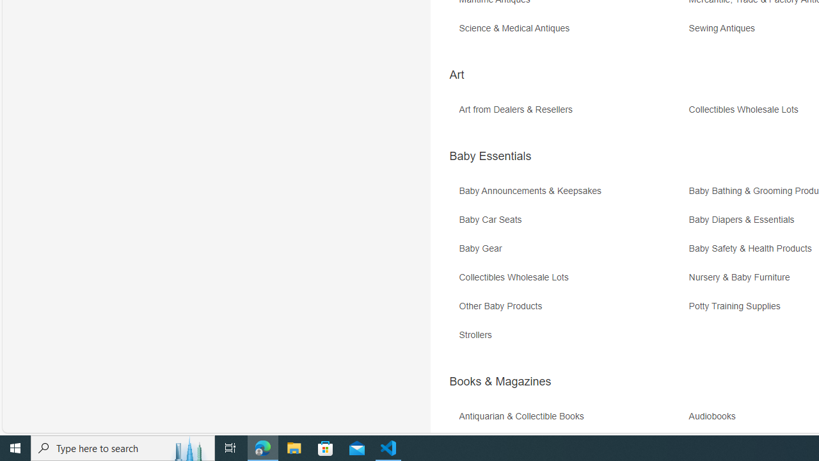  I want to click on 'Art', so click(456, 75).